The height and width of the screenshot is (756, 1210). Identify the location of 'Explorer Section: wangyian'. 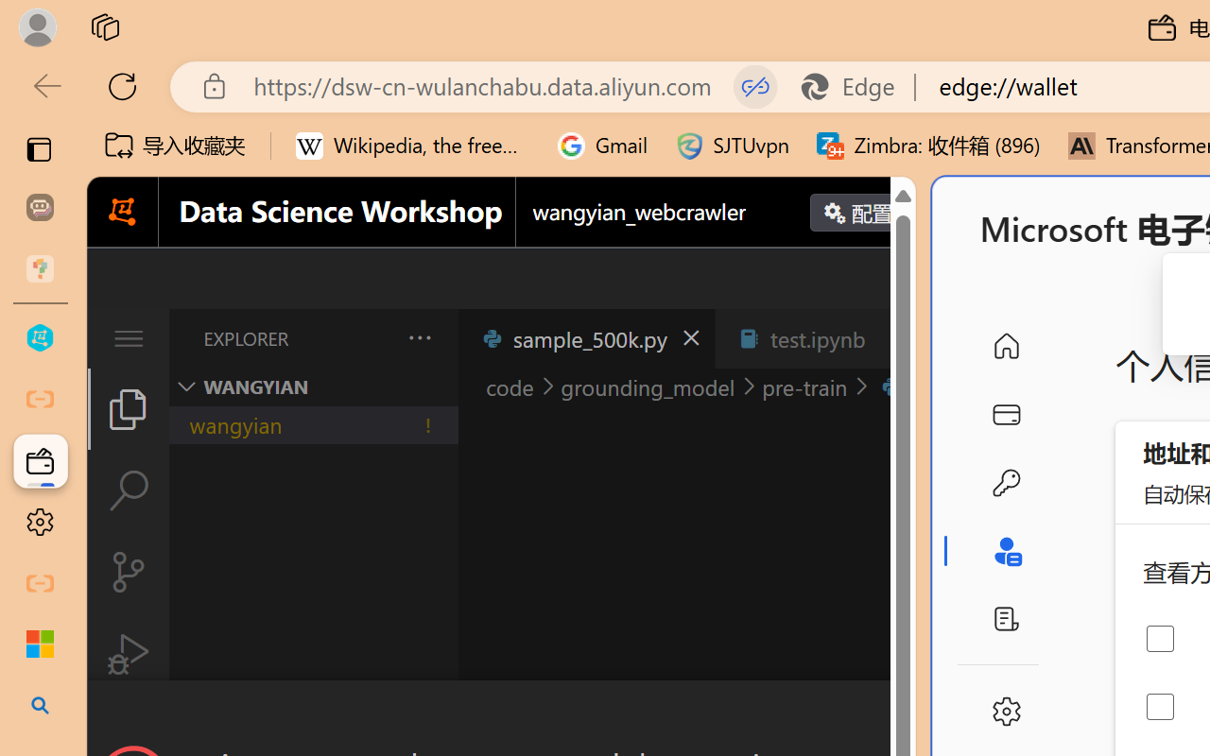
(313, 387).